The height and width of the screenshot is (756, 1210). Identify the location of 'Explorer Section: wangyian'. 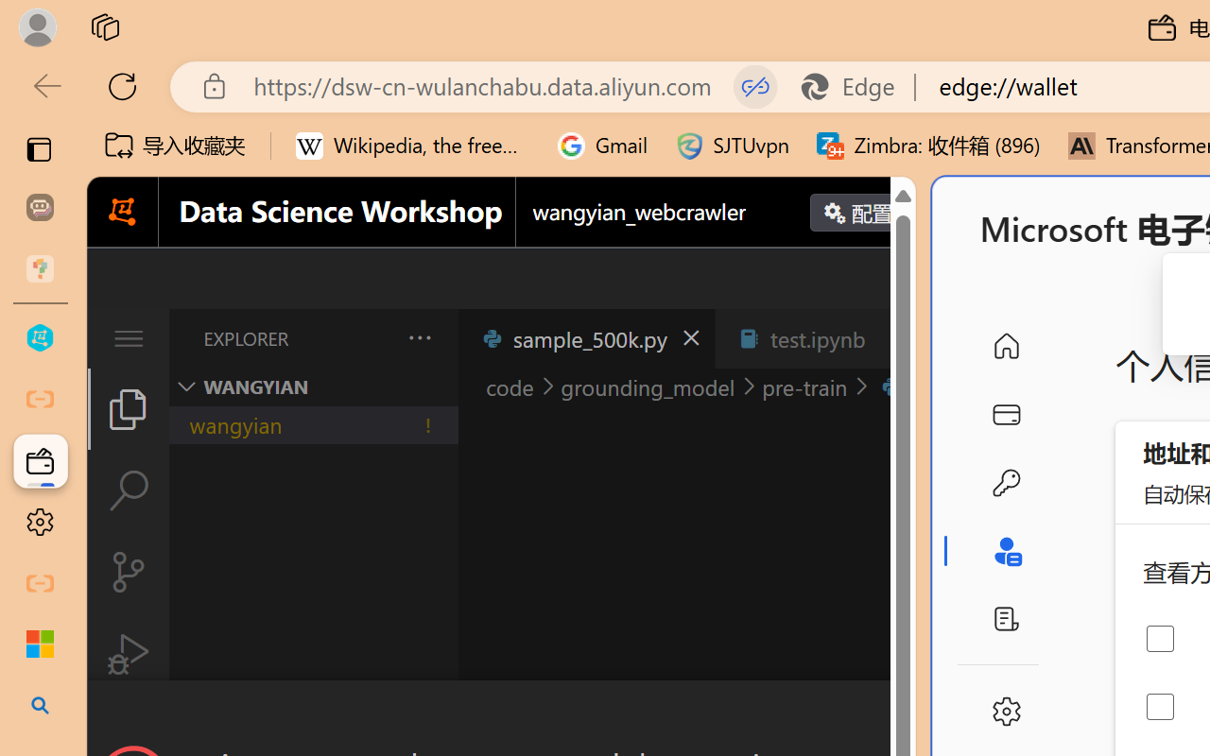
(313, 387).